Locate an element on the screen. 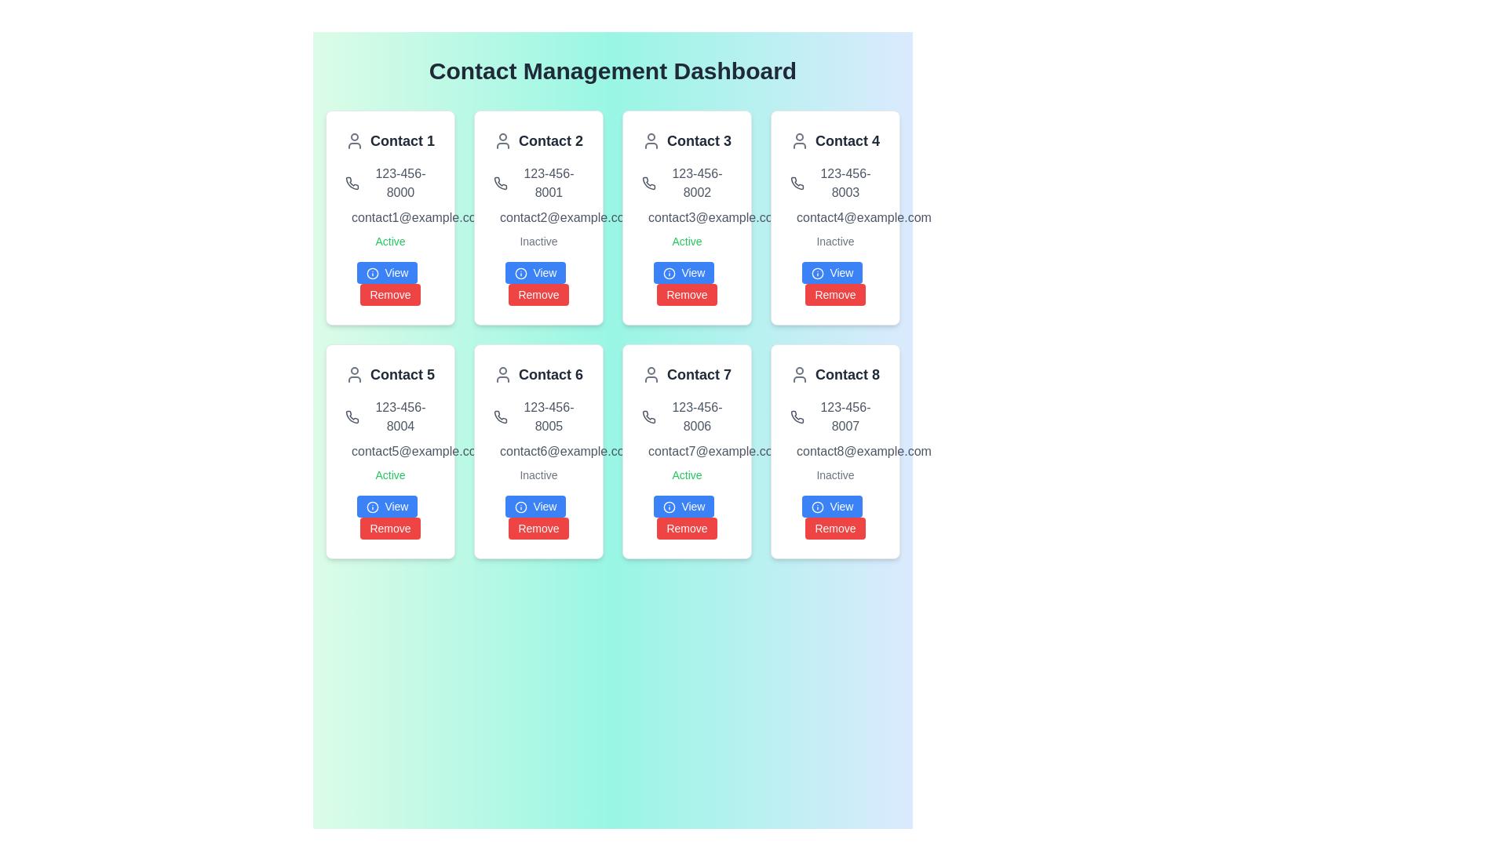 This screenshot has height=847, width=1507. the bold-labeled textual component displaying 'Contact 3', located in the upper section of the third card from the left in the first row, which has a white background and shadowed edges is located at coordinates (687, 141).